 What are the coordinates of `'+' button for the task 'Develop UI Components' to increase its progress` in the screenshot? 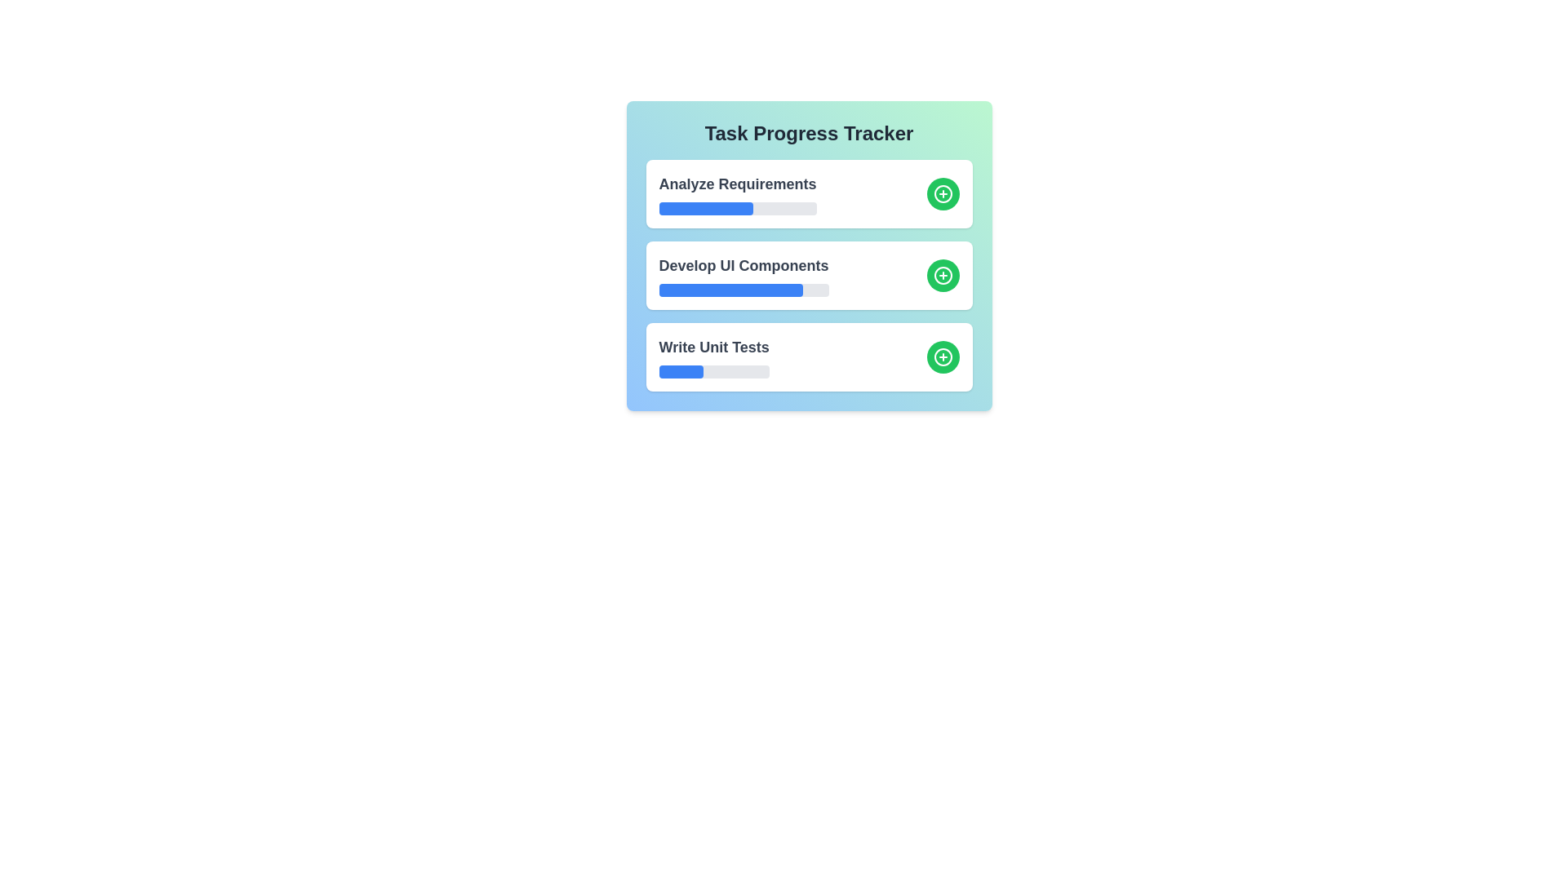 It's located at (943, 275).